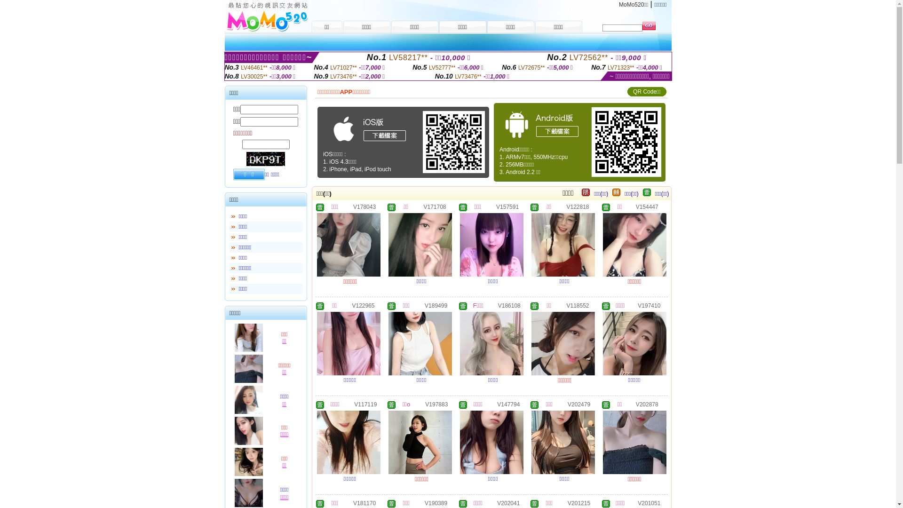  What do you see at coordinates (507, 502) in the screenshot?
I see `'V202041'` at bounding box center [507, 502].